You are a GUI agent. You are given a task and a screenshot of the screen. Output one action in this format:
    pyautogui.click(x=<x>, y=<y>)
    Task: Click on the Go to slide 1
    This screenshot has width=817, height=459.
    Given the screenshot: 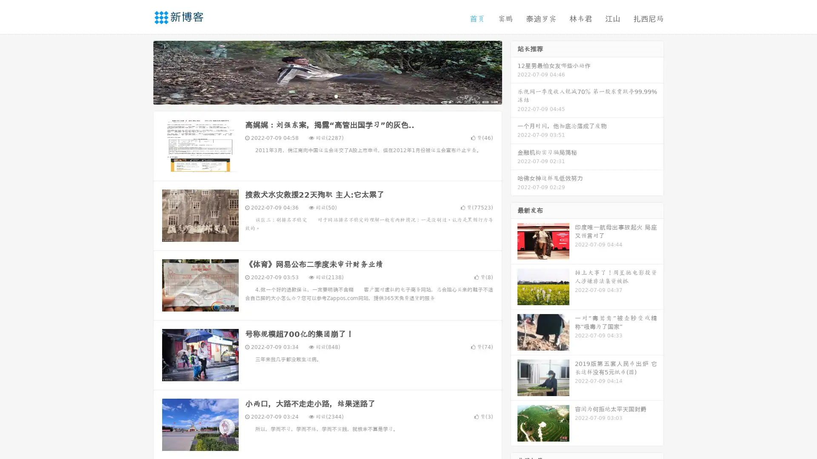 What is the action you would take?
    pyautogui.click(x=318, y=96)
    